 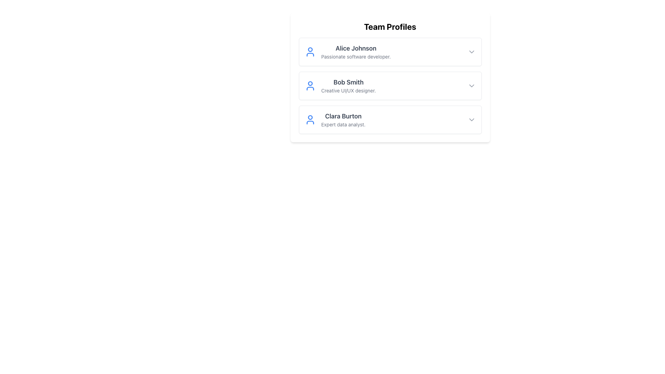 What do you see at coordinates (340, 85) in the screenshot?
I see `the user profile summary for the second profile in the 'Team Profiles' section, which includes the user's name, professional role description, and icon` at bounding box center [340, 85].